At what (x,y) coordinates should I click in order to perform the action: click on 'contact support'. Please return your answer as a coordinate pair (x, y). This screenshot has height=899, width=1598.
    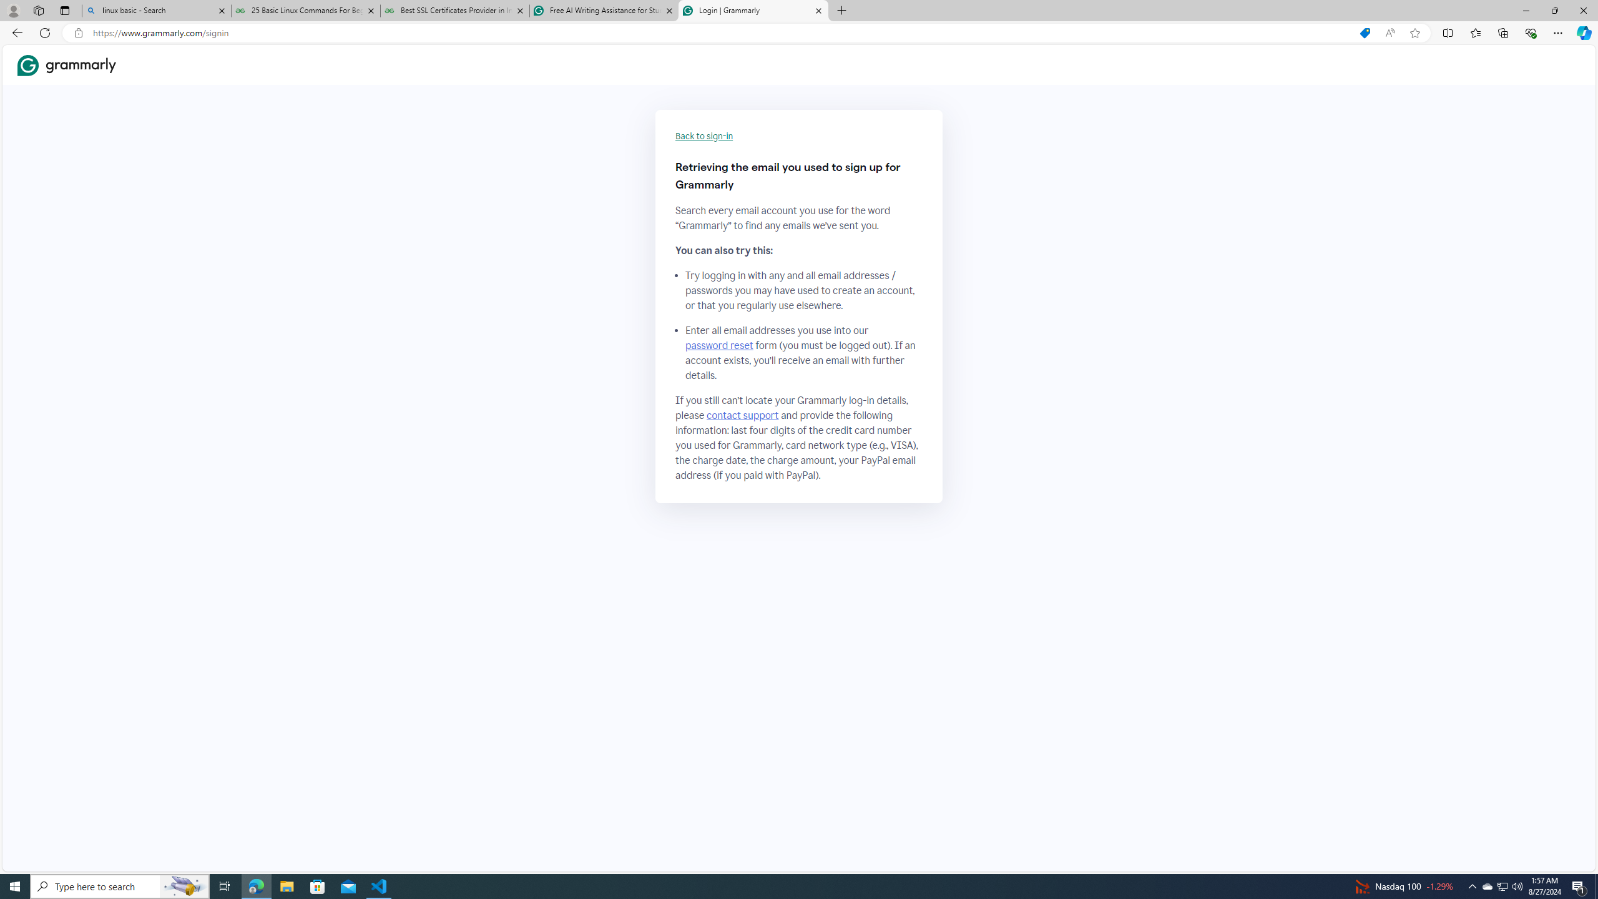
    Looking at the image, I should click on (743, 416).